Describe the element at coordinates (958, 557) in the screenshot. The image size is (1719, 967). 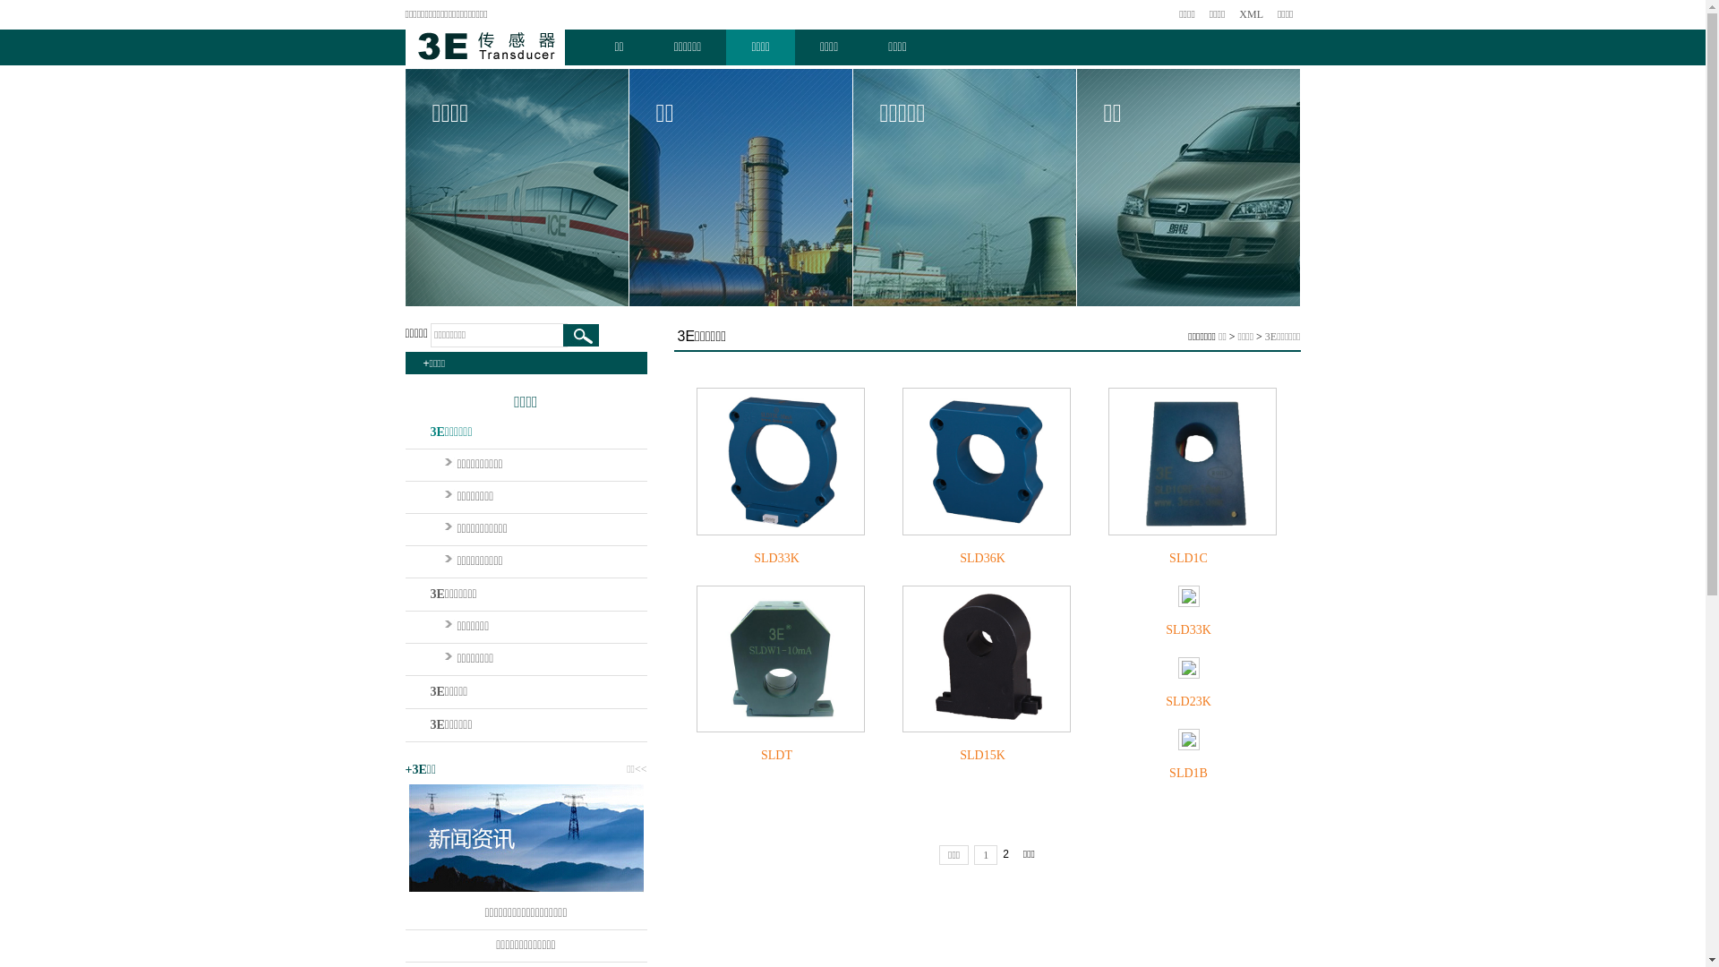
I see `'SLD36K'` at that location.